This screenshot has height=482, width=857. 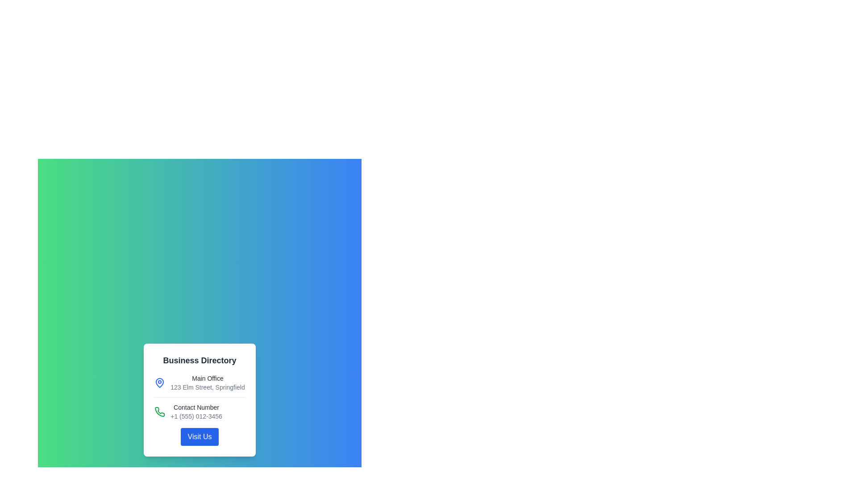 I want to click on the navigation button located at the center-bottom of the vertical card layout, so click(x=199, y=436).